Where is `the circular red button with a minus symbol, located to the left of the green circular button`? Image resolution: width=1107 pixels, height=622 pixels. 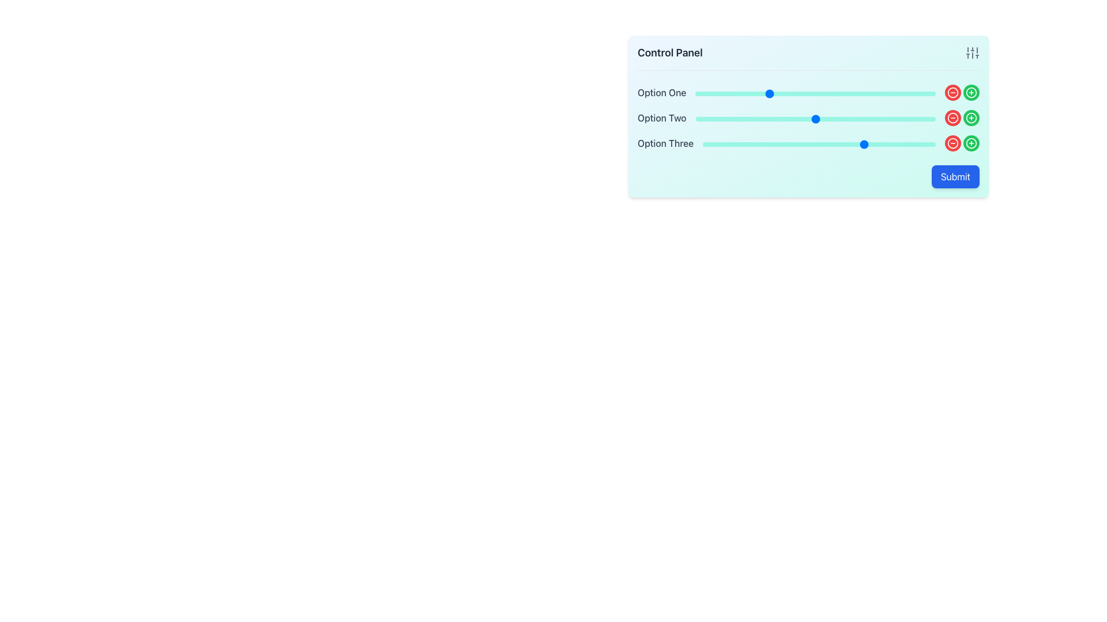 the circular red button with a minus symbol, located to the left of the green circular button is located at coordinates (952, 117).